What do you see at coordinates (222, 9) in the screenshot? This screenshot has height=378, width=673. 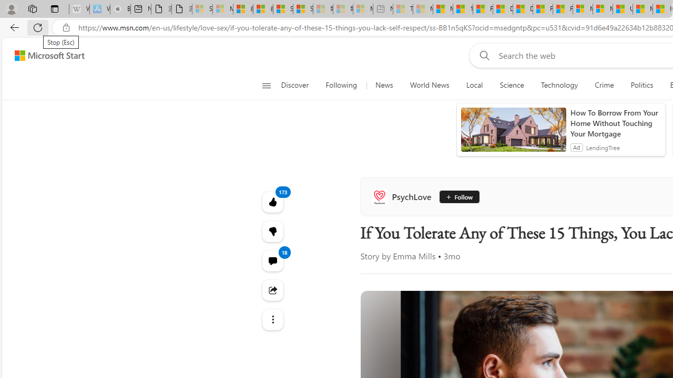 I see `'Microsoft Services Agreement - Sleeping'` at bounding box center [222, 9].